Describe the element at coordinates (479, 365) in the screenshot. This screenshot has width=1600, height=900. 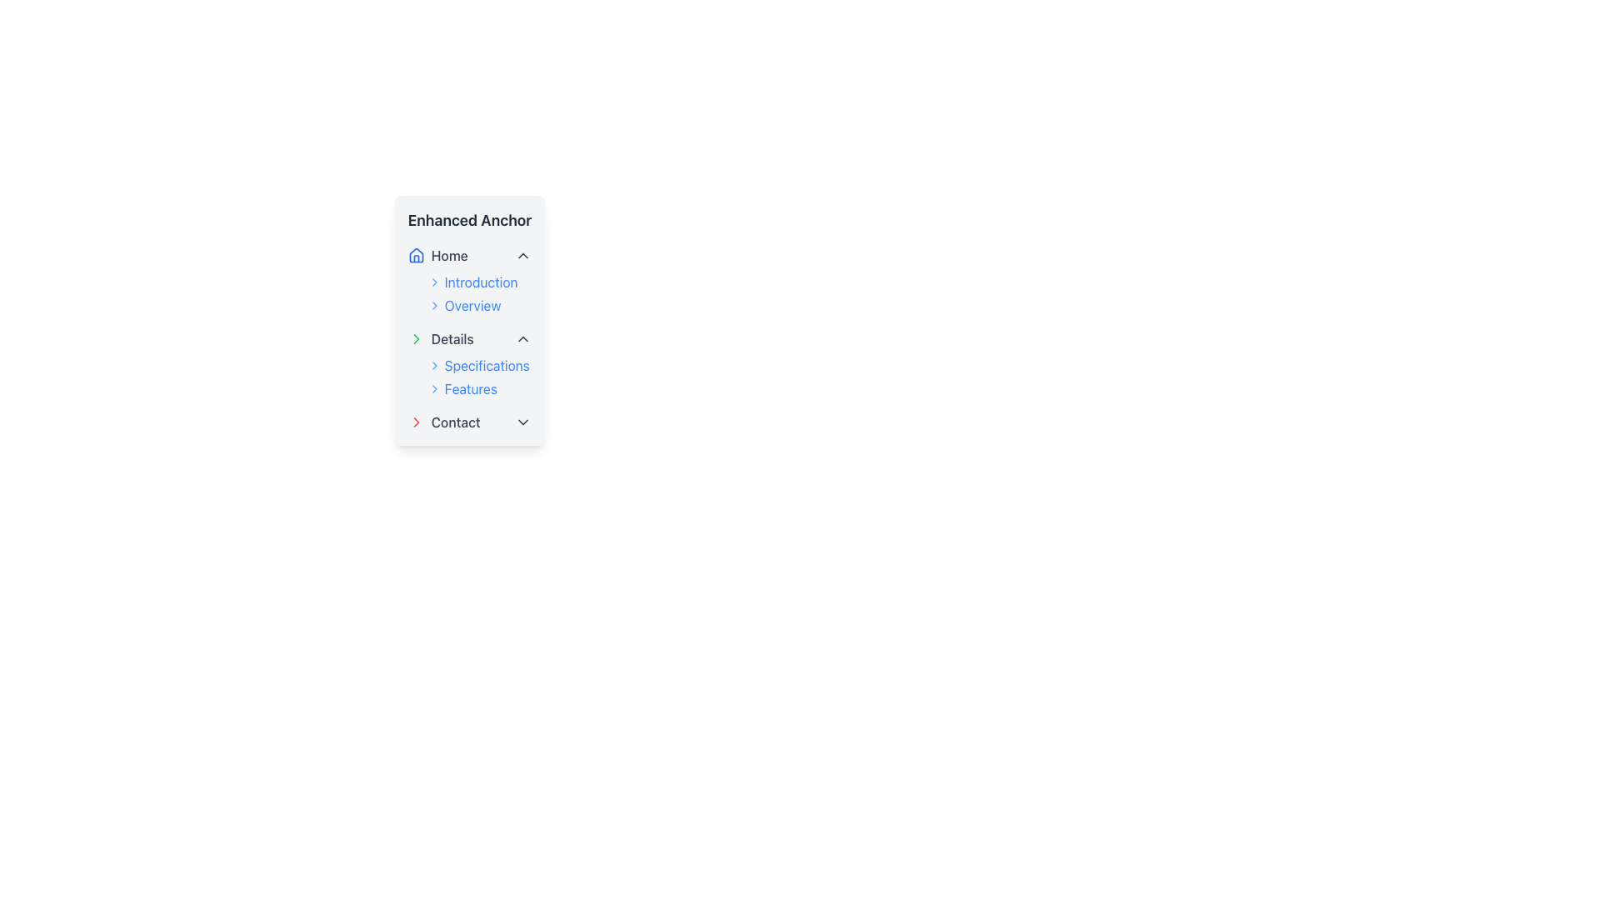
I see `the 'Specifications' navigational link in the collapsible navigation menu` at that location.